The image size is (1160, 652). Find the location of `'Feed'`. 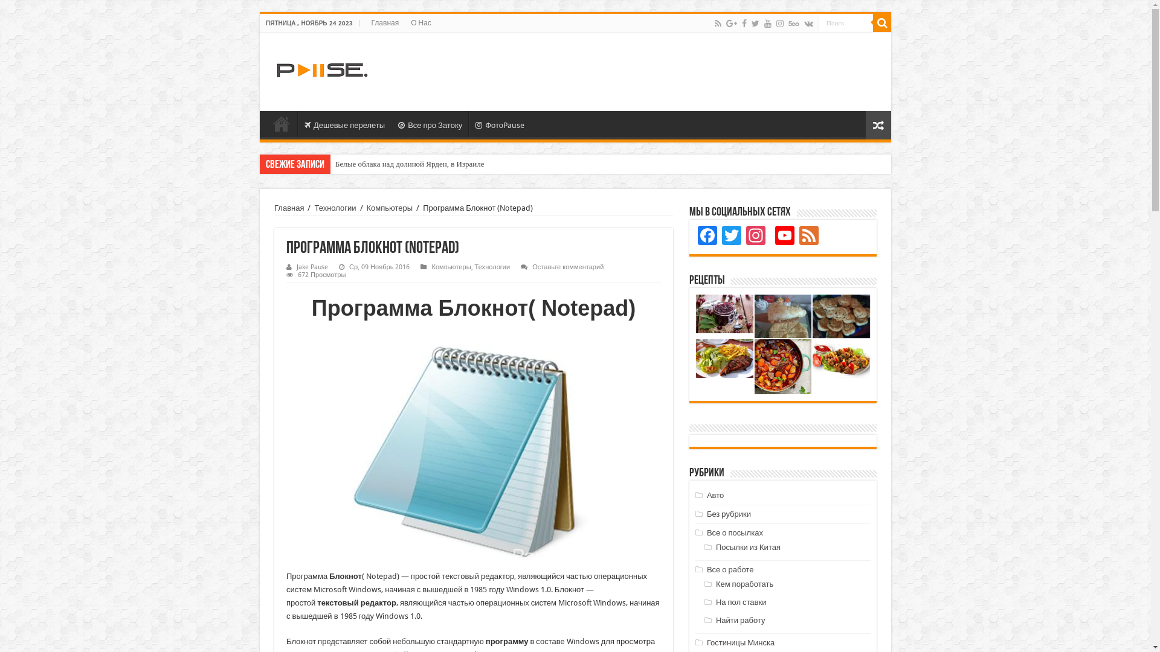

'Feed' is located at coordinates (809, 237).